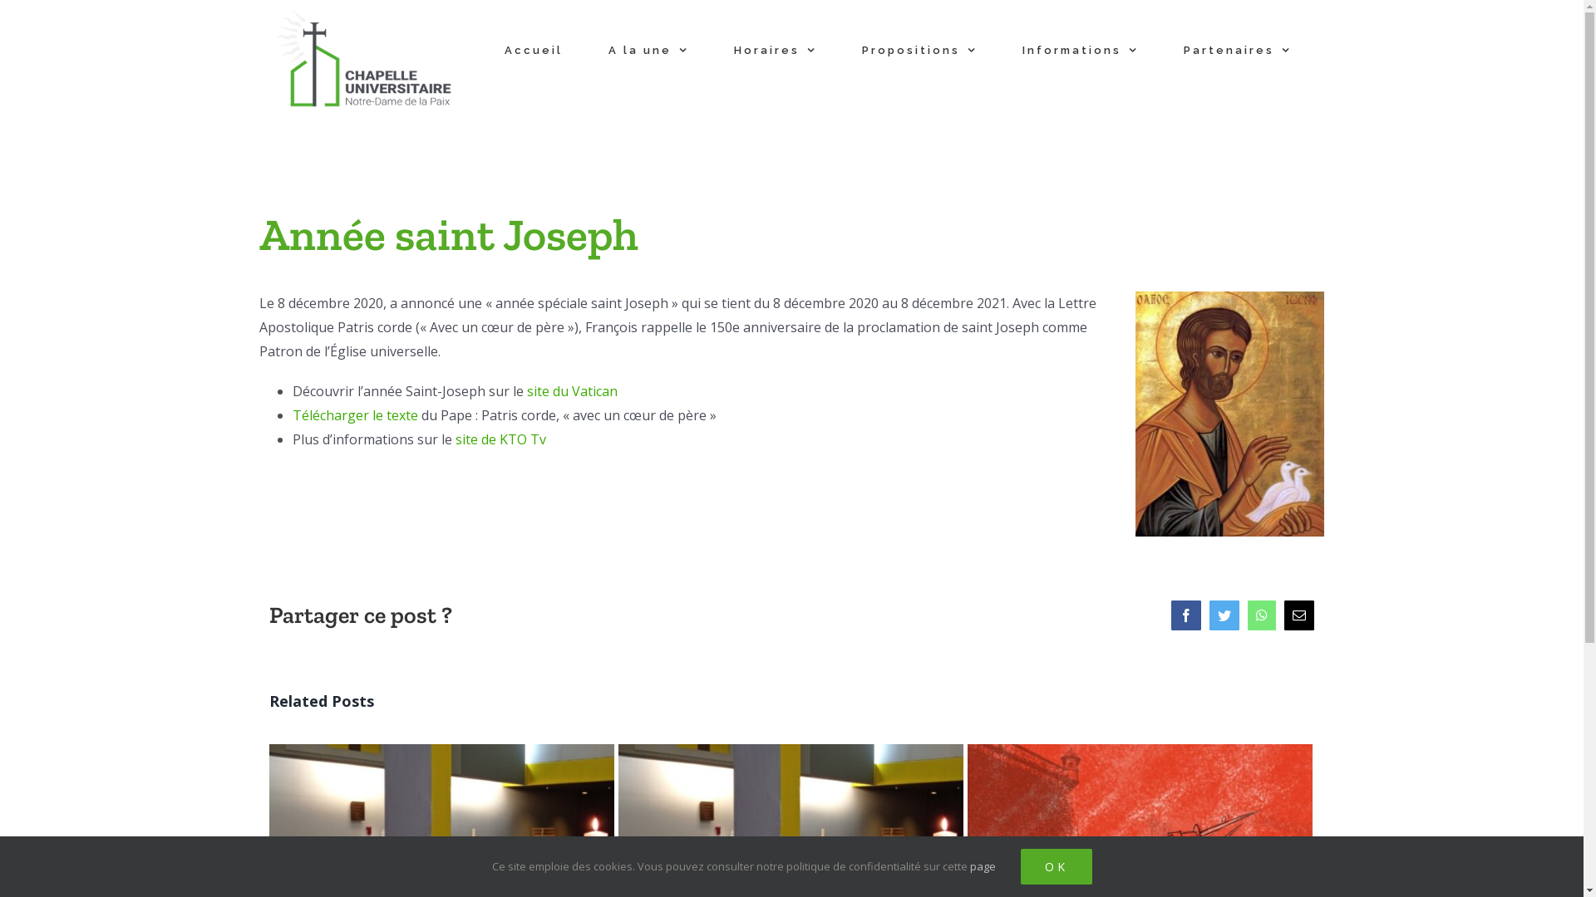 This screenshot has width=1596, height=897. What do you see at coordinates (490, 49) in the screenshot?
I see `'Accueil'` at bounding box center [490, 49].